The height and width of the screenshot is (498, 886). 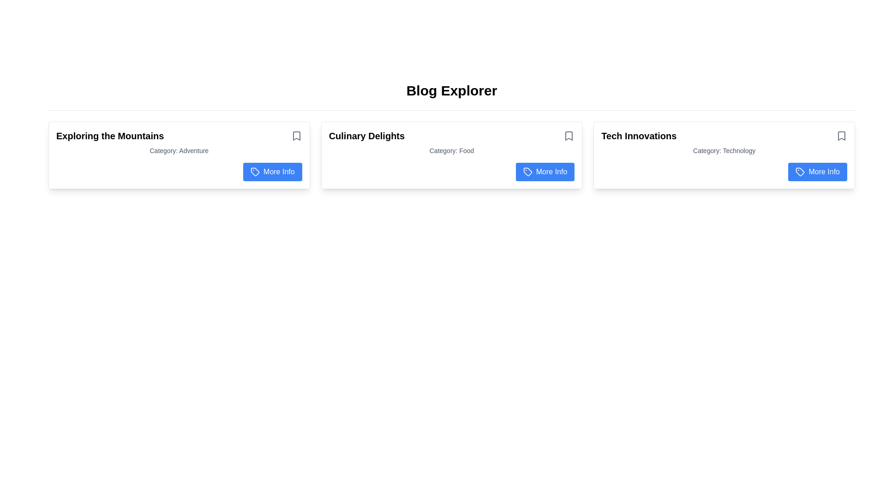 I want to click on the bookmark SVG icon located at the top-right corner of the card labeled 'Culinary Delights', which allows users to save or mark the item for later reference, so click(x=569, y=136).